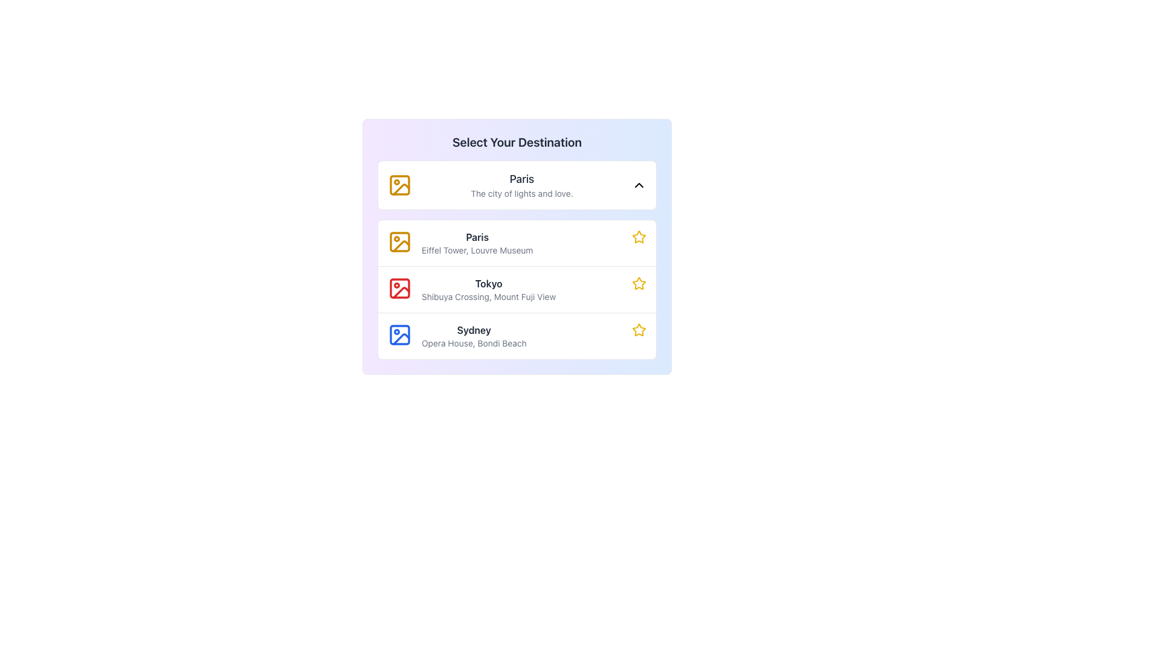  Describe the element at coordinates (400, 289) in the screenshot. I see `the decorative icon associated with the list item 'Tokyo' located at the left of its row in the vertical list of destinations` at that location.